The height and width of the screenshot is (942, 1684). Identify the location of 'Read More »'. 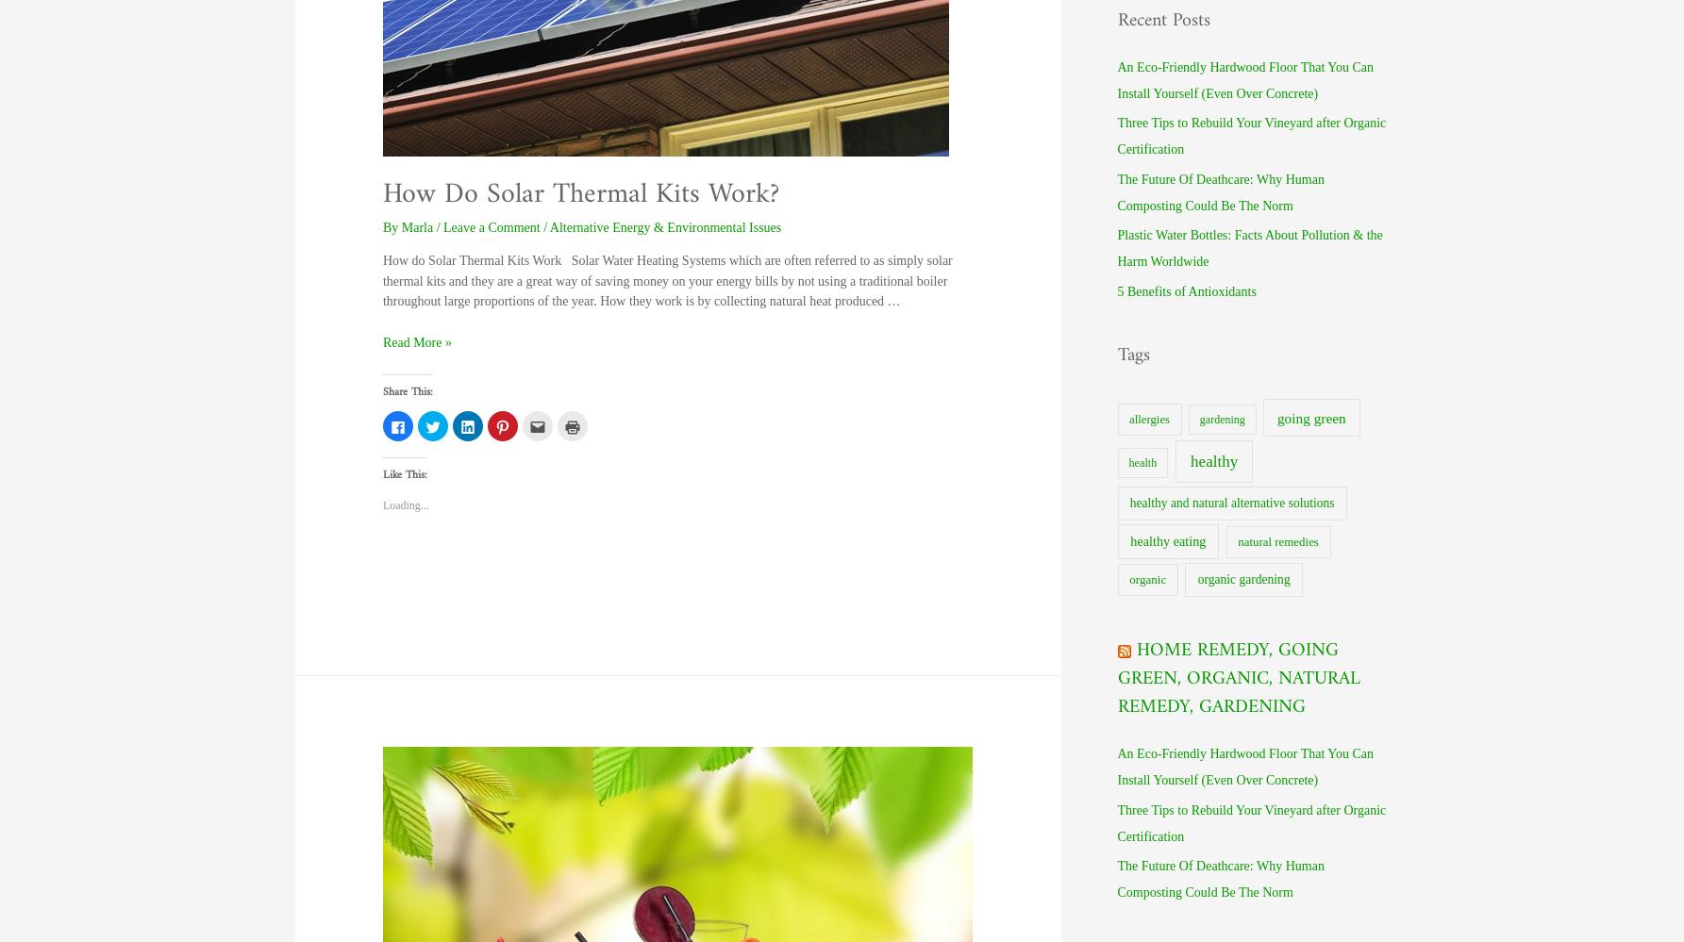
(415, 342).